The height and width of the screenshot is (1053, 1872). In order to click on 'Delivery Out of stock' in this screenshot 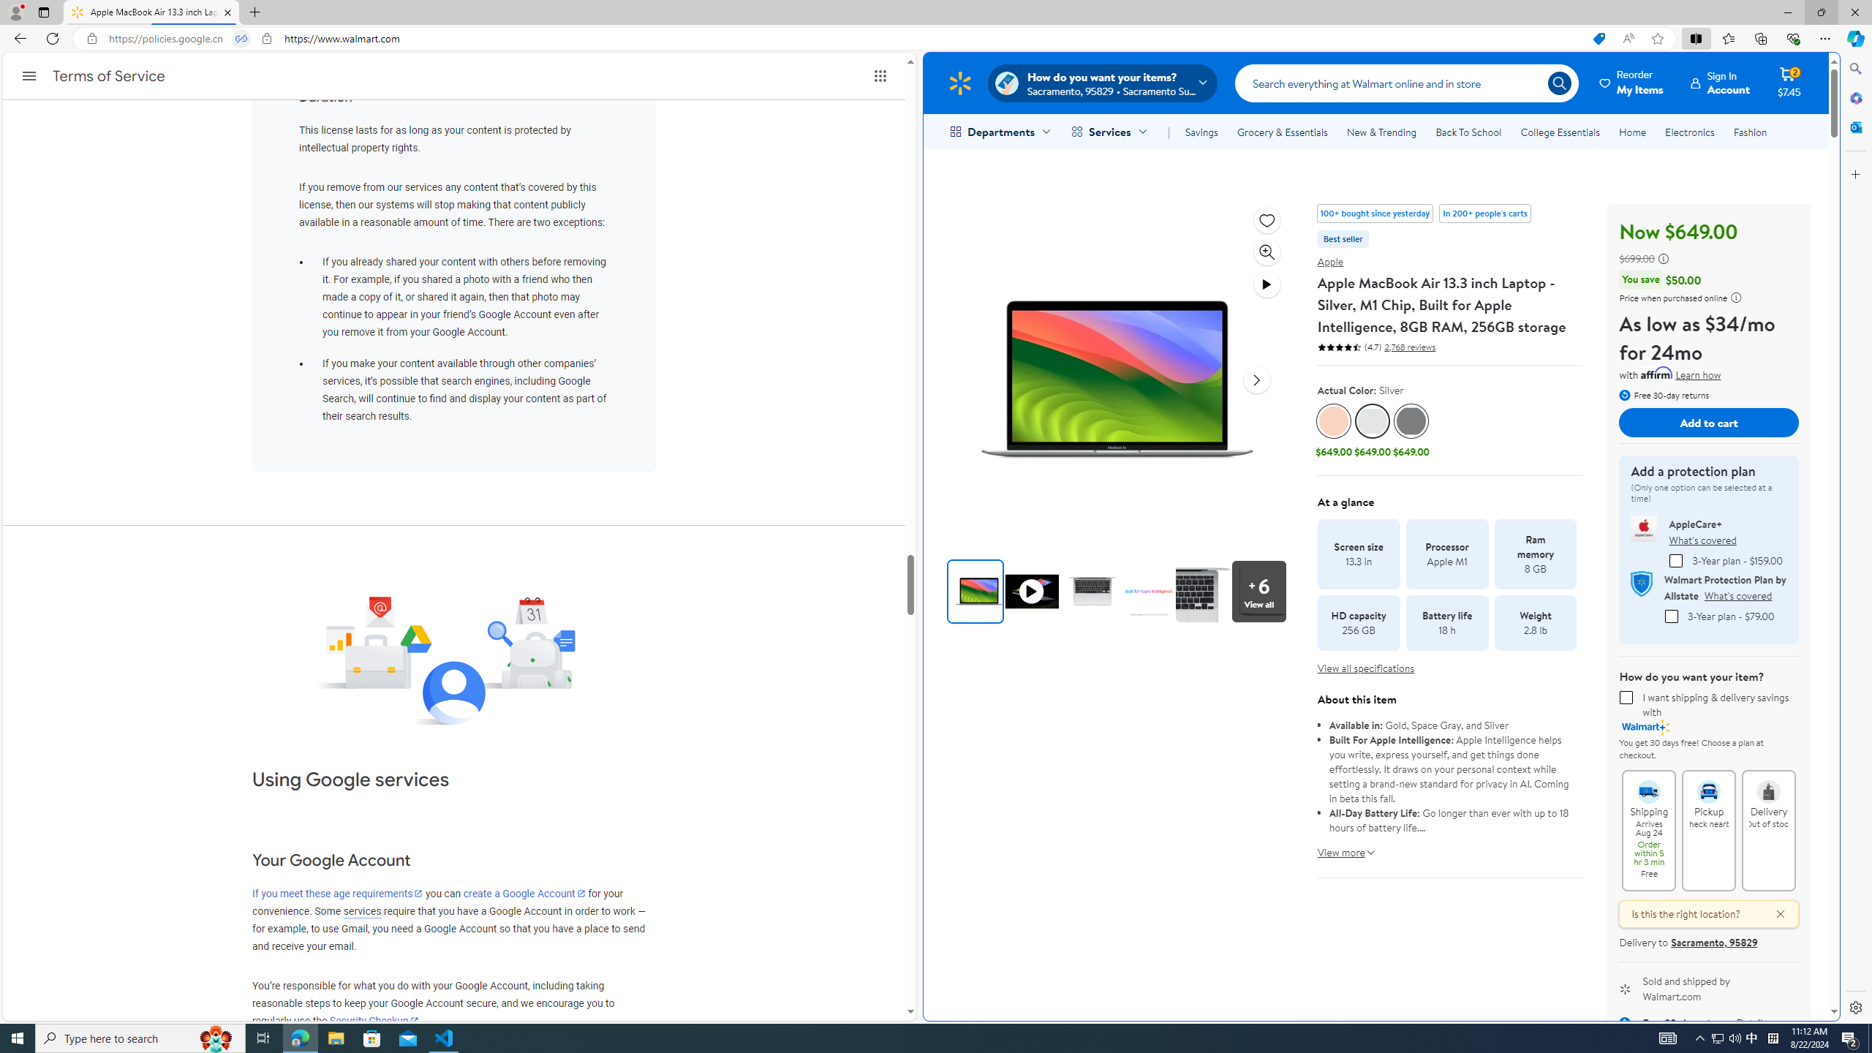, I will do `click(1768, 784)`.